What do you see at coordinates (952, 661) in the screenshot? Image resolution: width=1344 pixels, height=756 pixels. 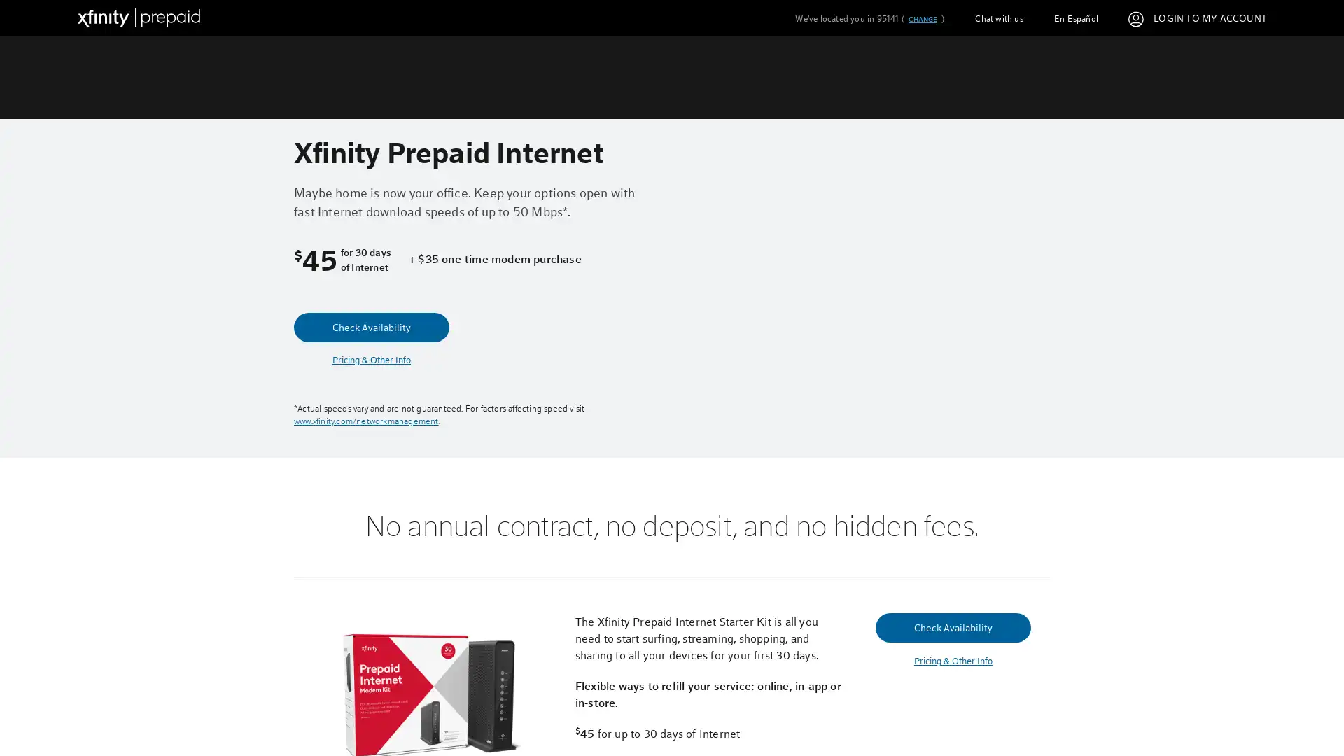 I see `Pricing & Other Info` at bounding box center [952, 661].